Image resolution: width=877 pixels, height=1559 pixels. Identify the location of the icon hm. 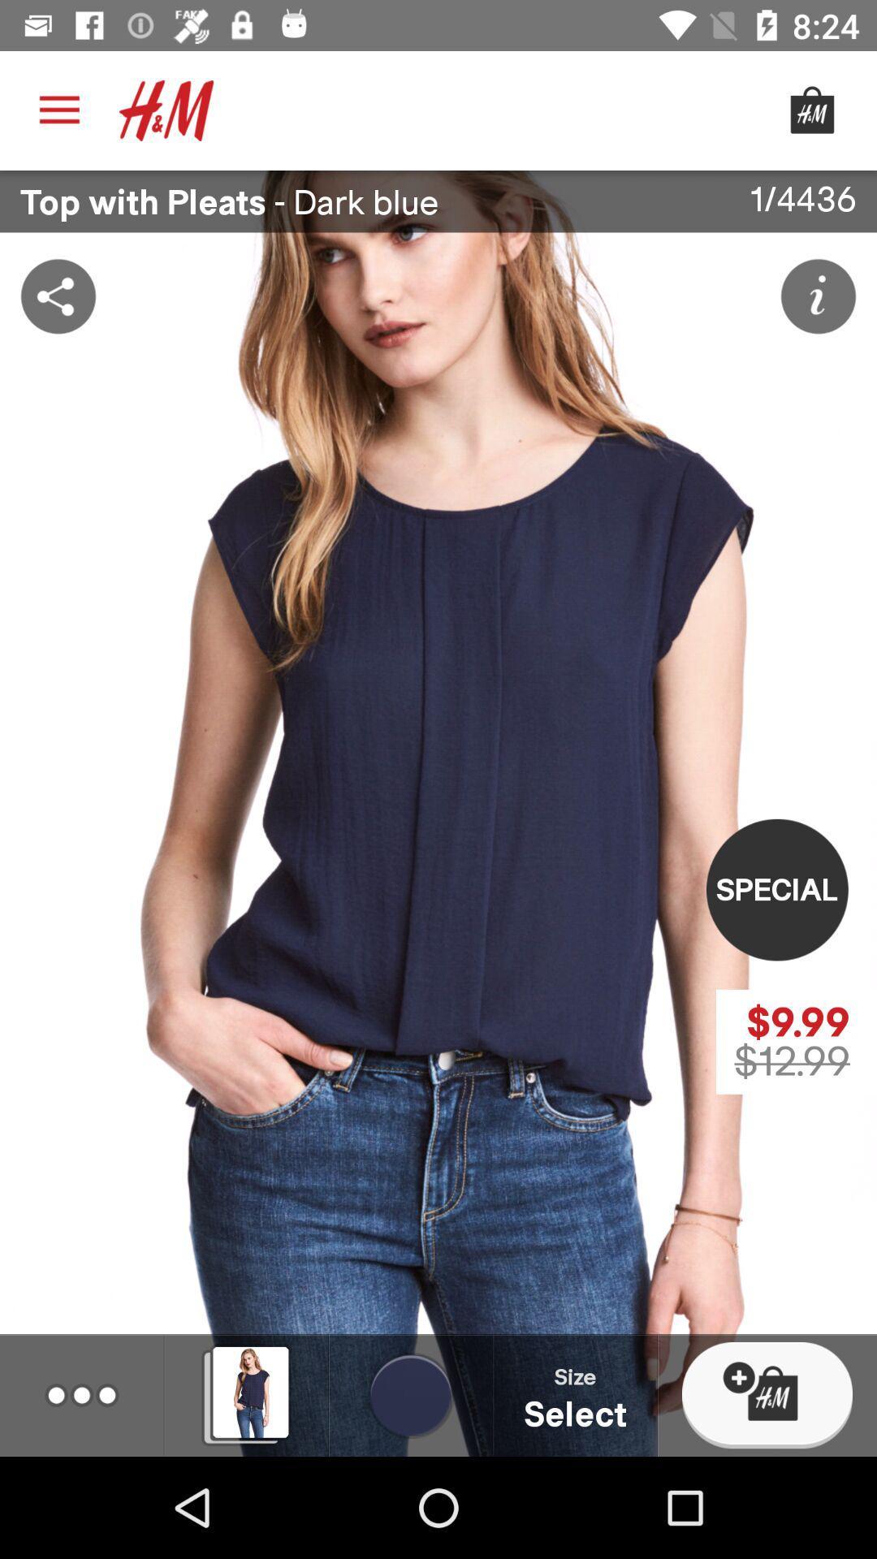
(166, 110).